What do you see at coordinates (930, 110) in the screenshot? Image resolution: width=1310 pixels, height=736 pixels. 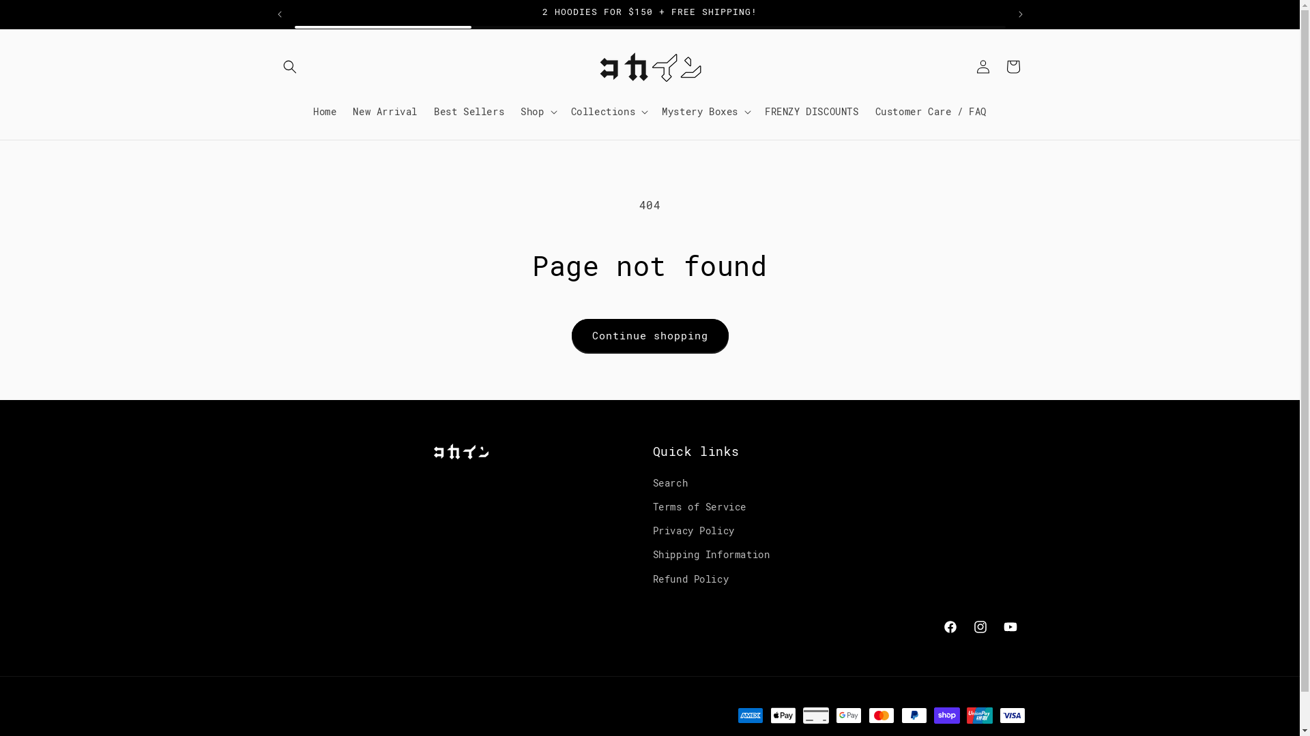 I see `'Customer Care / FAQ'` at bounding box center [930, 110].